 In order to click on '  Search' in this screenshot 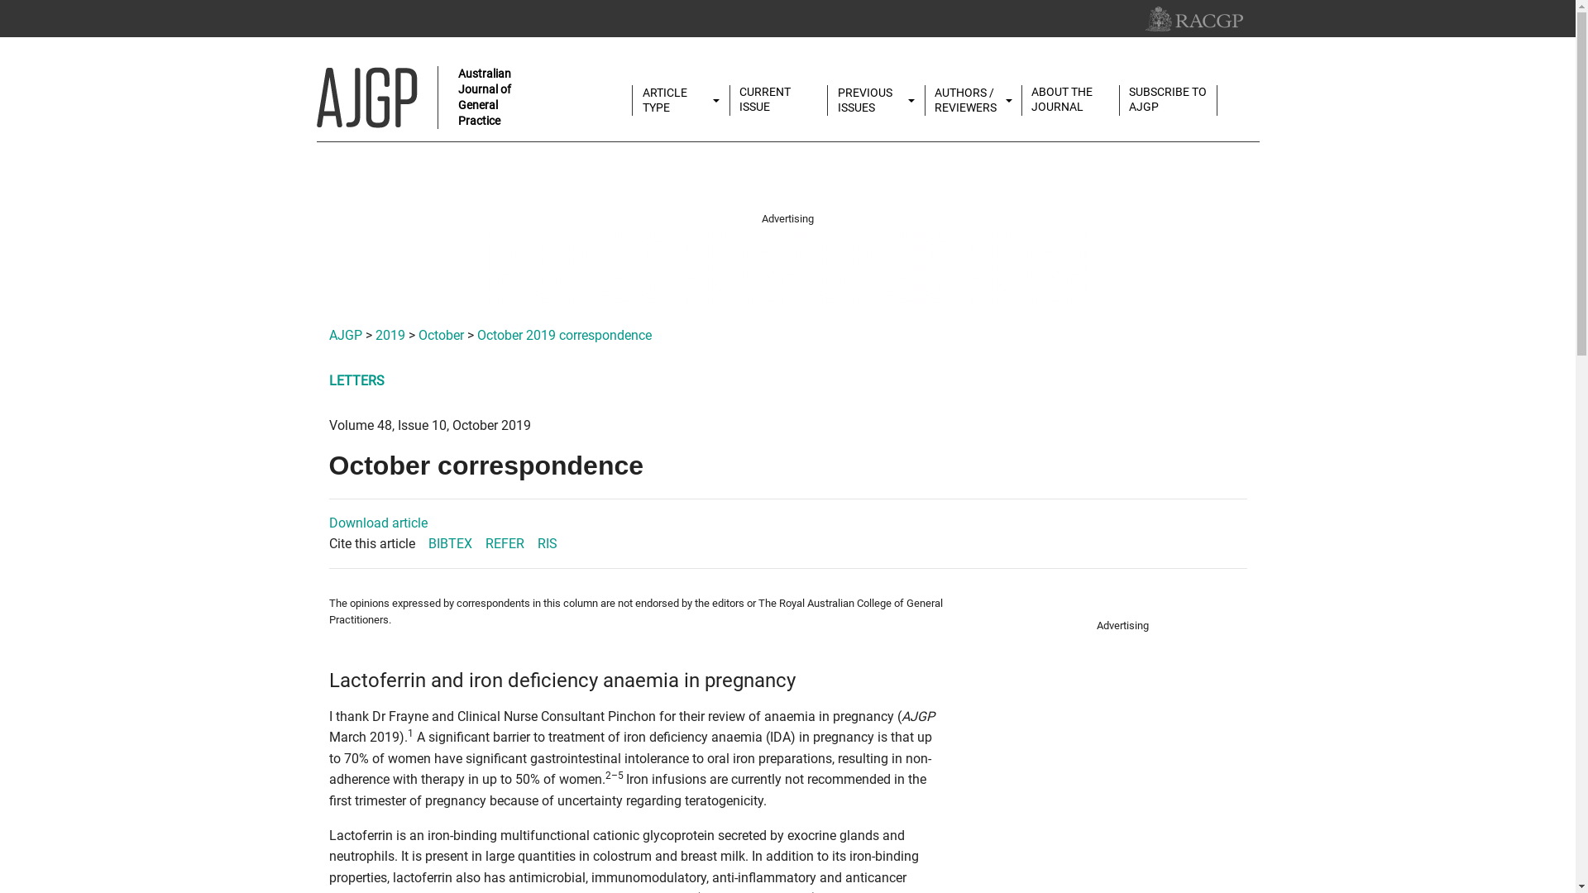, I will do `click(1246, 93)`.